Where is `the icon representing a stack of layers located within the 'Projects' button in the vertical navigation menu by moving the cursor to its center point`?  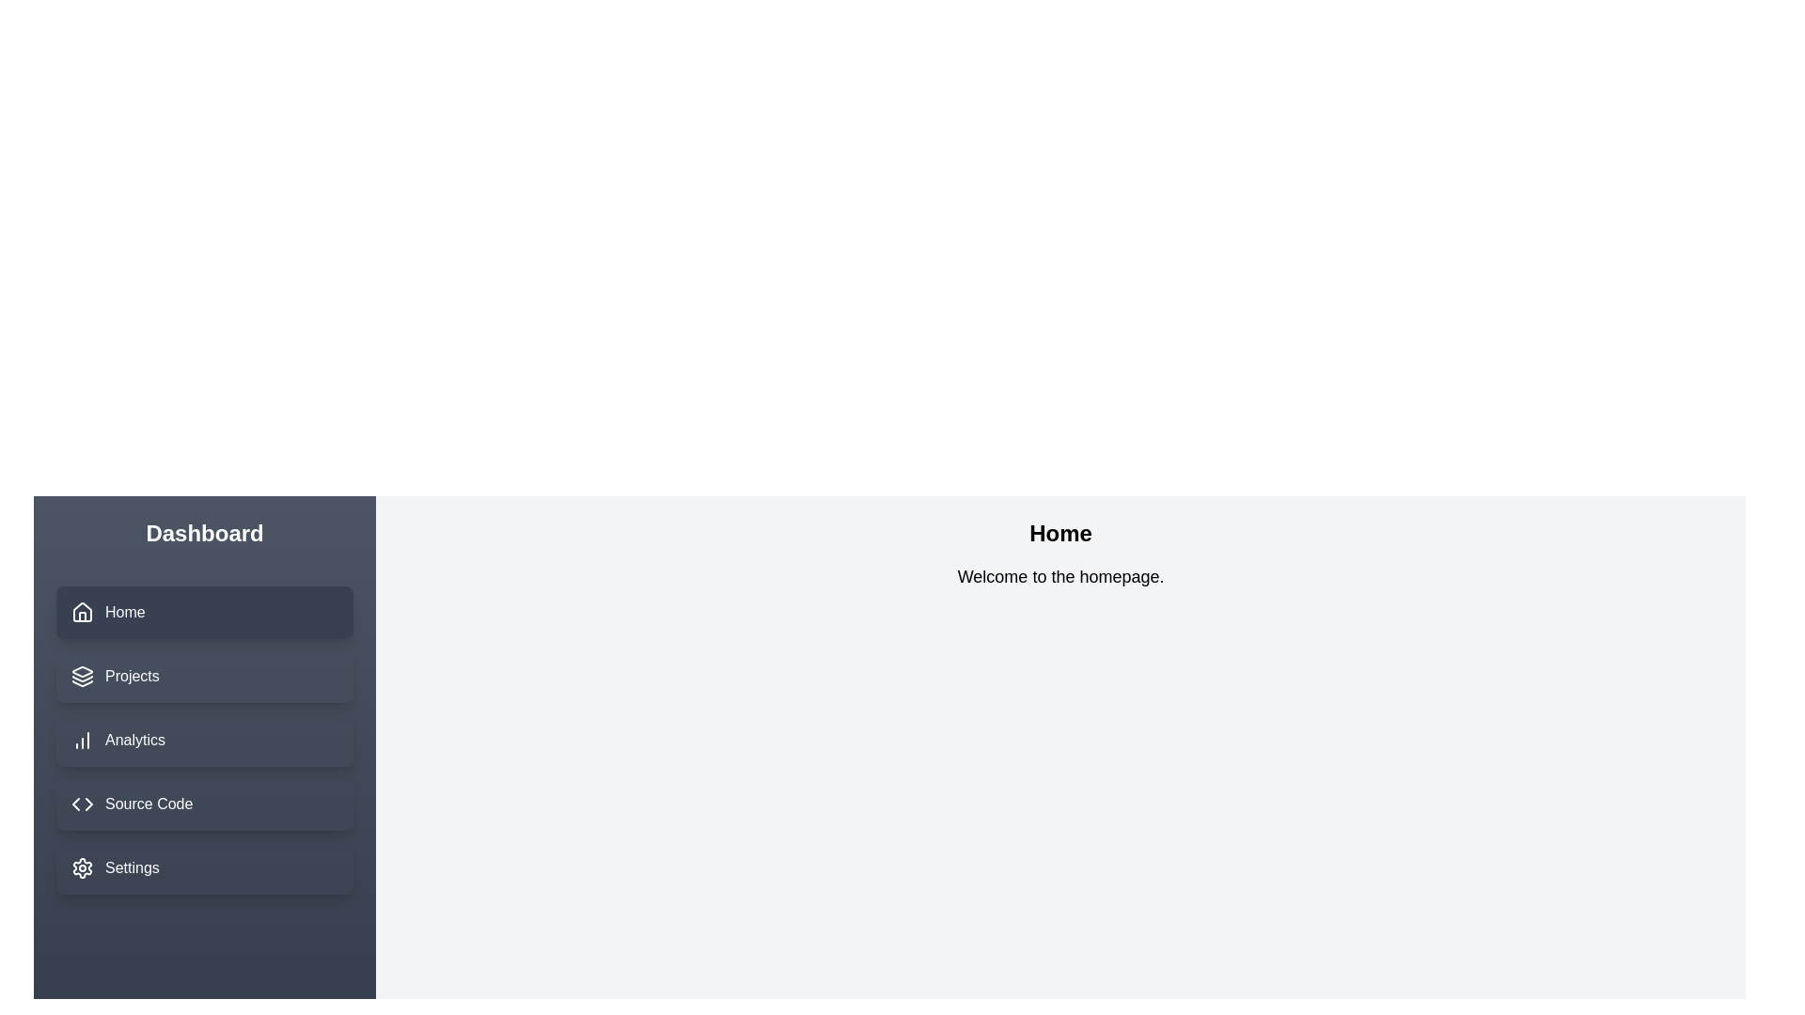
the icon representing a stack of layers located within the 'Projects' button in the vertical navigation menu by moving the cursor to its center point is located at coordinates (81, 677).